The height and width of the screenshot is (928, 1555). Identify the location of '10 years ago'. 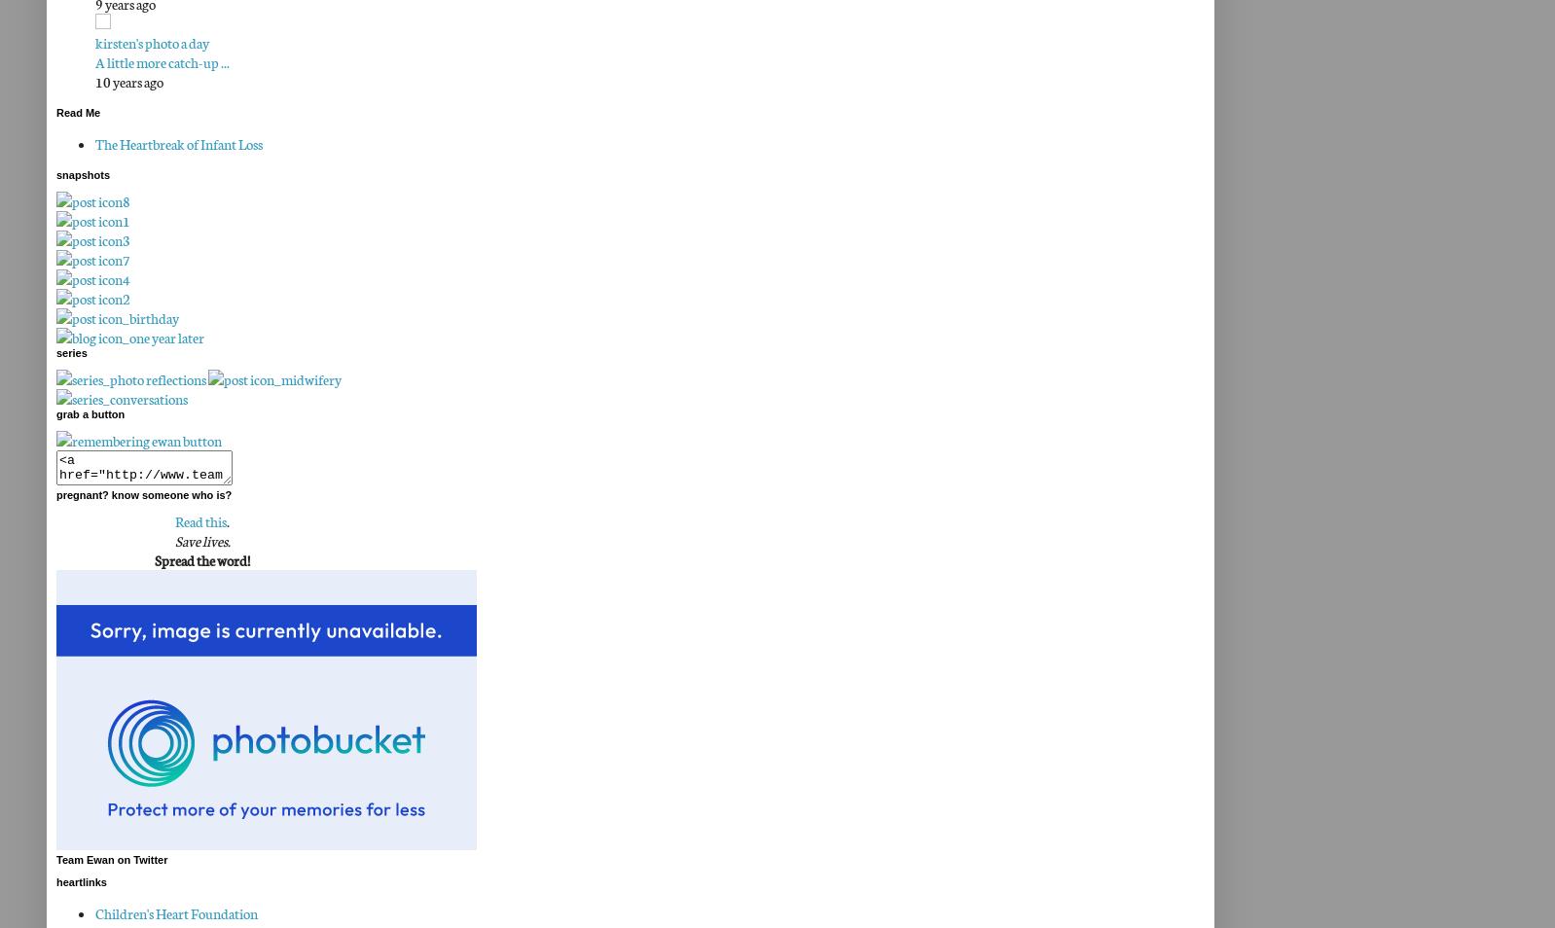
(127, 81).